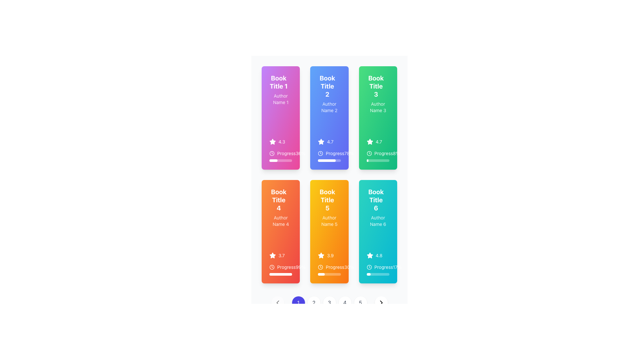 The height and width of the screenshot is (349, 621). I want to click on the Text with Icon Group that consists of a clock icon and the text 'Progress', located within the orange card labeled 'Book Title 4', positioned towards the bottom of the card, slightly above a progress bar, so click(282, 267).